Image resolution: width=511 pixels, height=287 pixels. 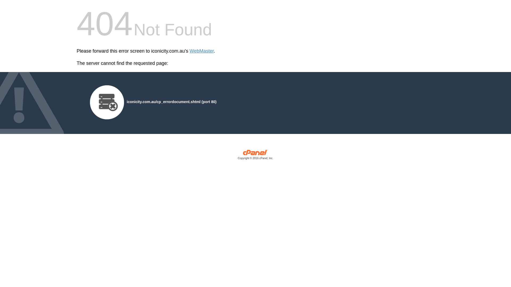 What do you see at coordinates (189, 51) in the screenshot?
I see `'WebMaster'` at bounding box center [189, 51].